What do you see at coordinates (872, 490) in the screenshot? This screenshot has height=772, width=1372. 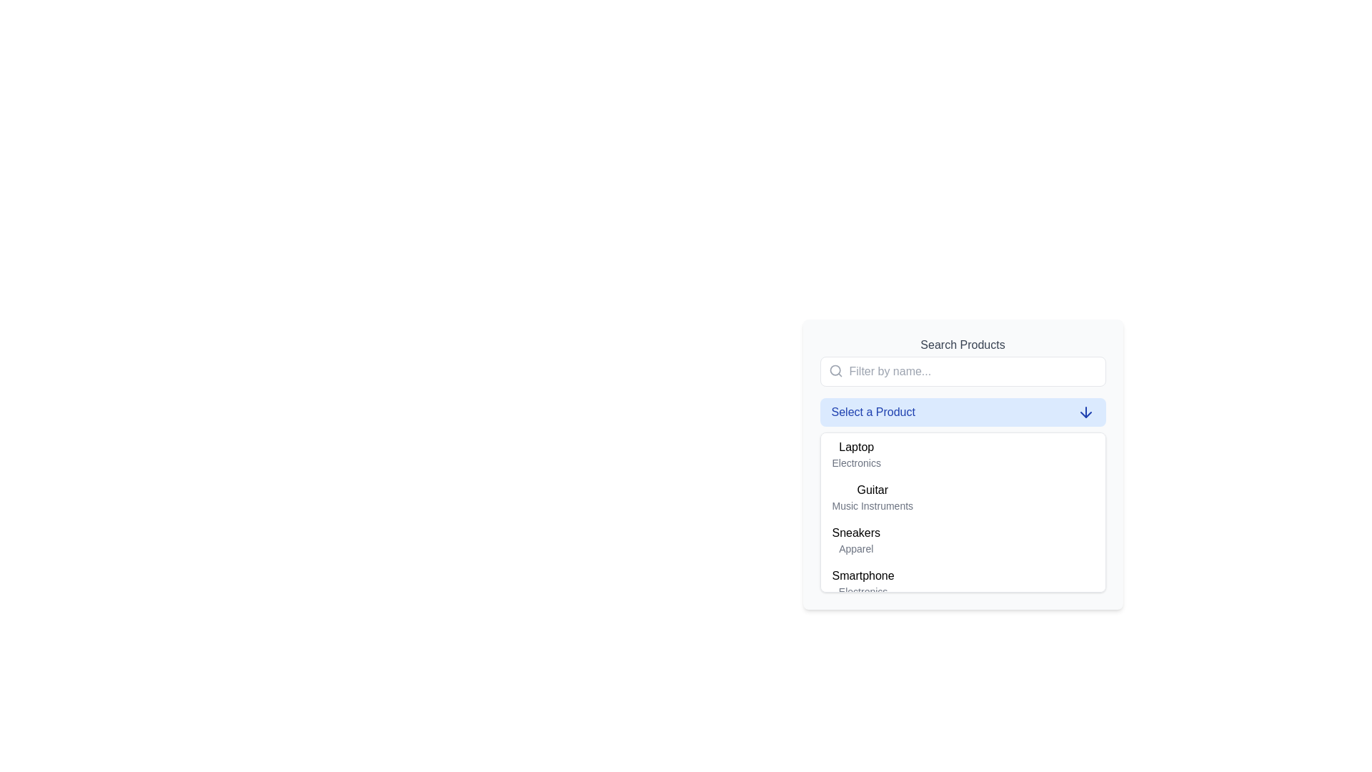 I see `the 'Guitar' text label in the dropdown list under 'Select a Product'` at bounding box center [872, 490].